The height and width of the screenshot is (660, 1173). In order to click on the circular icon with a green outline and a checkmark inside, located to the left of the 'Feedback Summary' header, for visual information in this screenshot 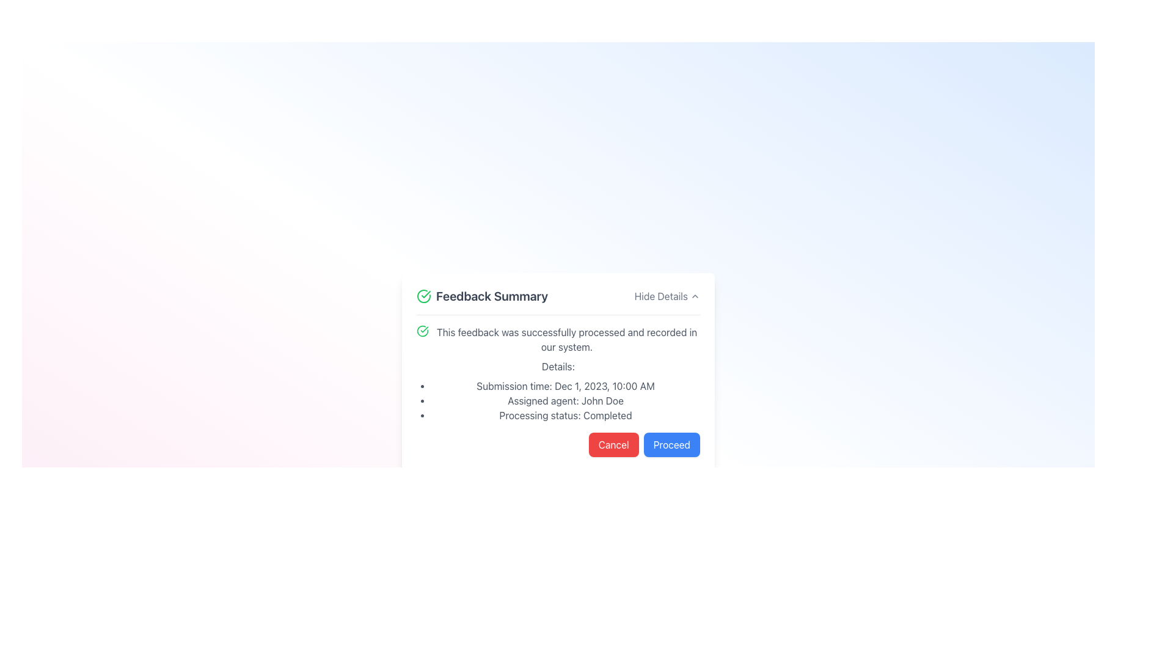, I will do `click(424, 296)`.